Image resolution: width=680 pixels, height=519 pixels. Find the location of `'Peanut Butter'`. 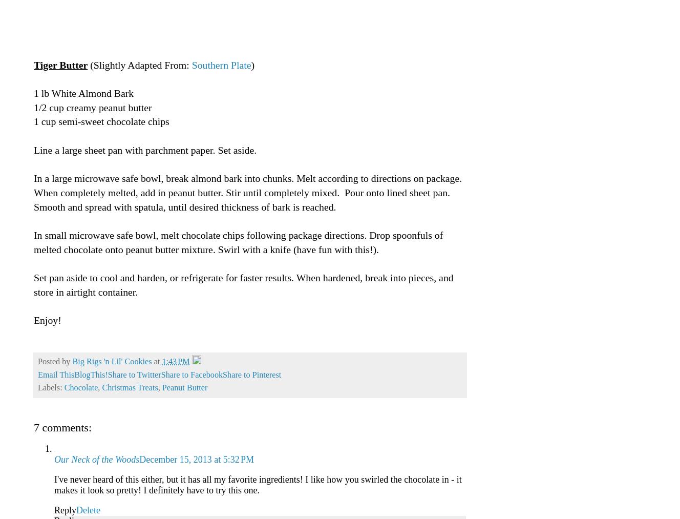

'Peanut Butter' is located at coordinates (184, 388).